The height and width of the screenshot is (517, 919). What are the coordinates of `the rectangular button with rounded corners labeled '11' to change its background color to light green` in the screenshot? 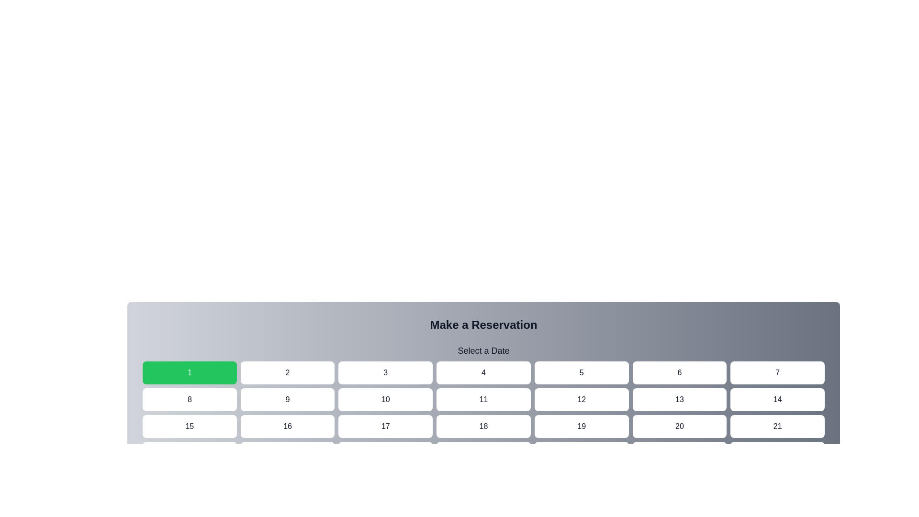 It's located at (483, 399).